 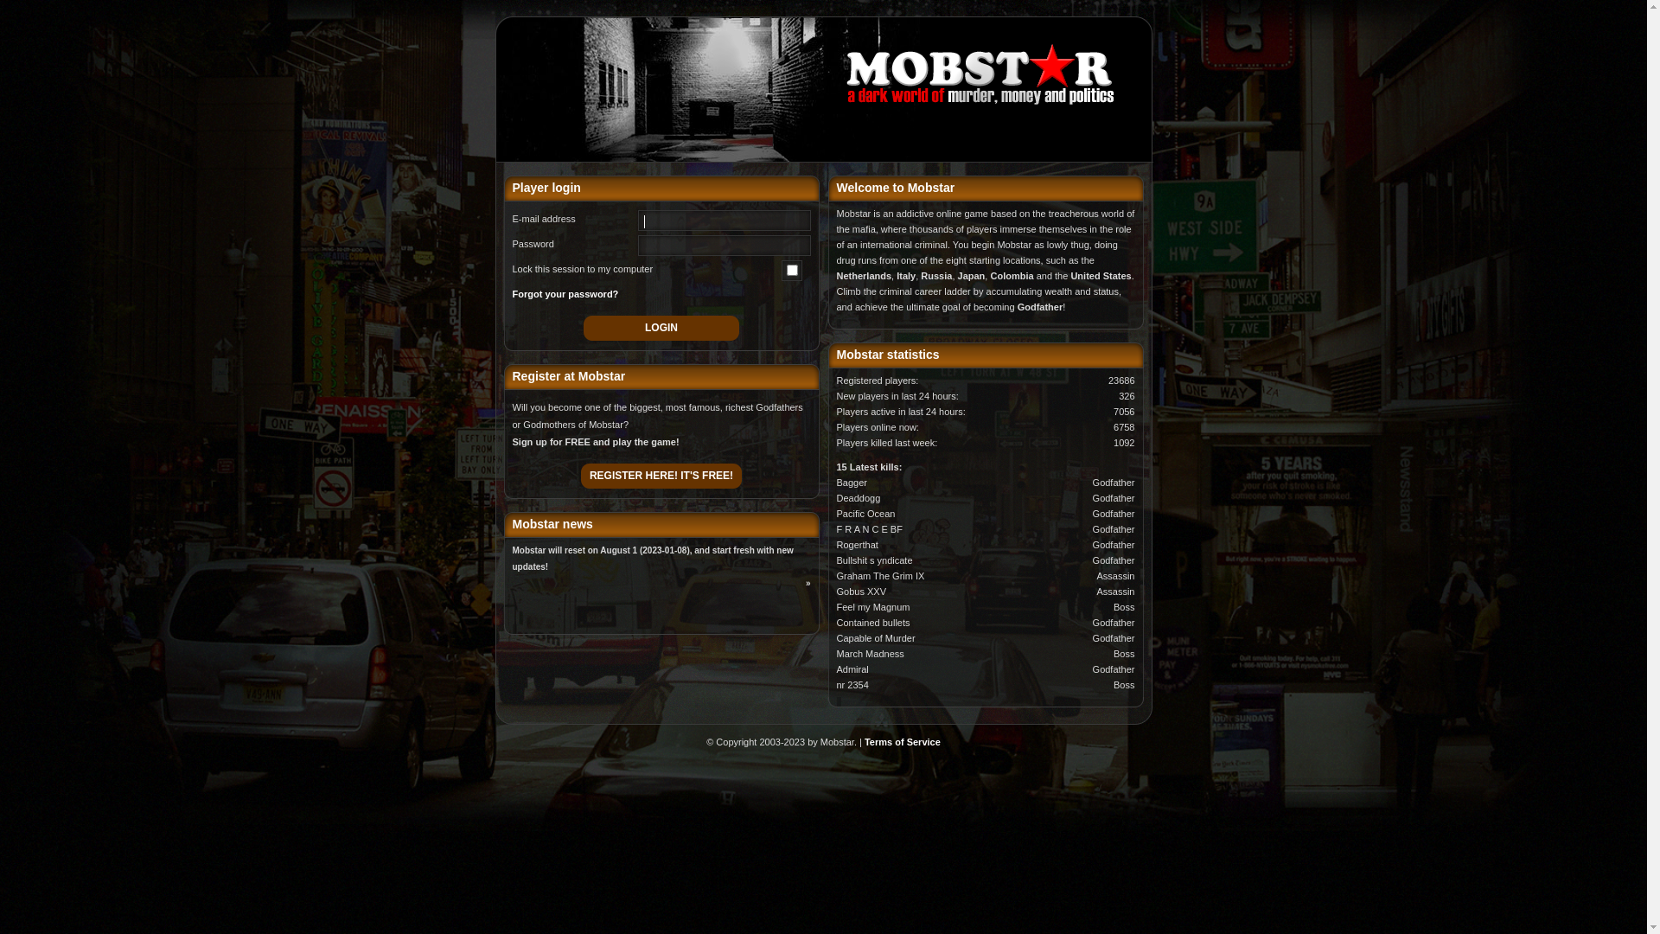 I want to click on 'Terms of Service', so click(x=901, y=740).